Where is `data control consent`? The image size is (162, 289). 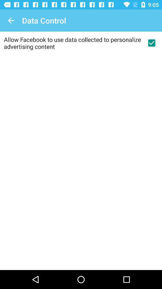 data control consent is located at coordinates (151, 42).